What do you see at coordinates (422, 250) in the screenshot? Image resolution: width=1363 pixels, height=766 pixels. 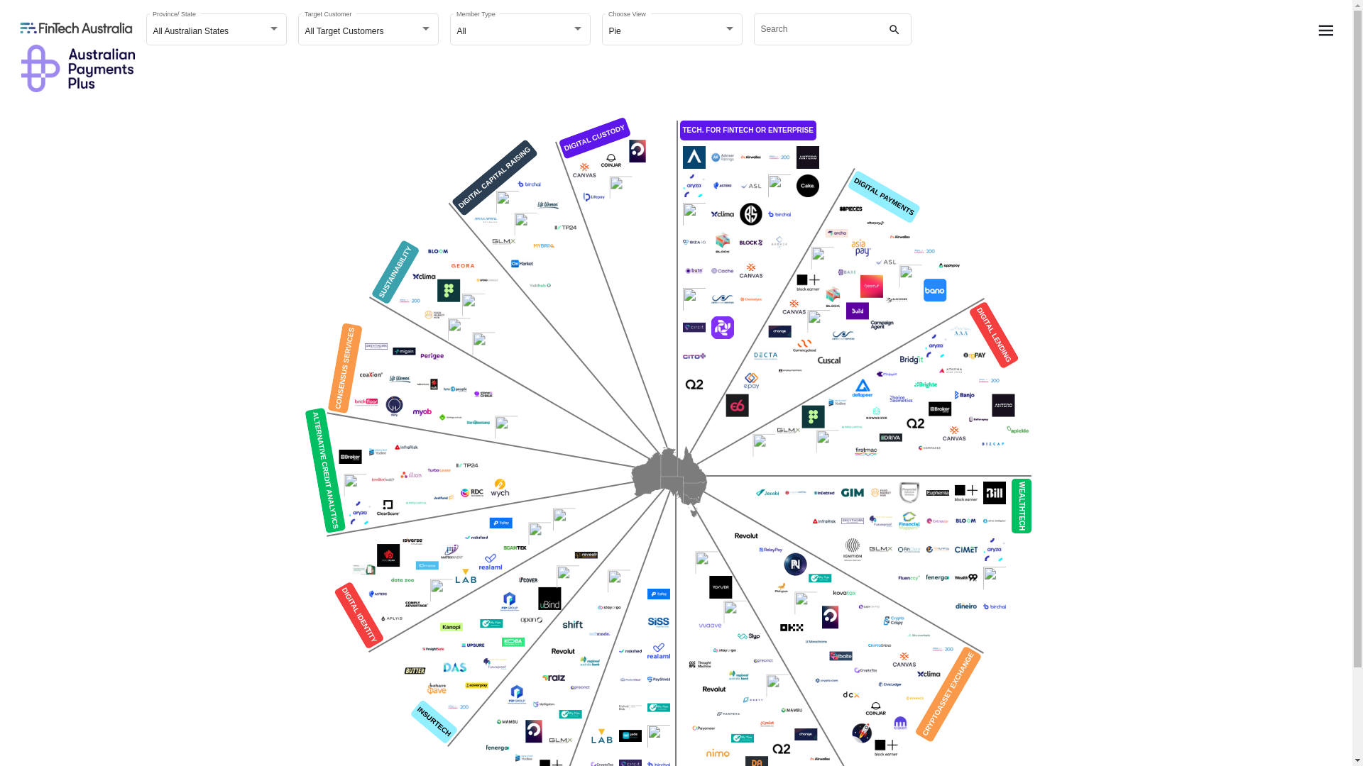 I see `'Bloom Impact Investing'` at bounding box center [422, 250].